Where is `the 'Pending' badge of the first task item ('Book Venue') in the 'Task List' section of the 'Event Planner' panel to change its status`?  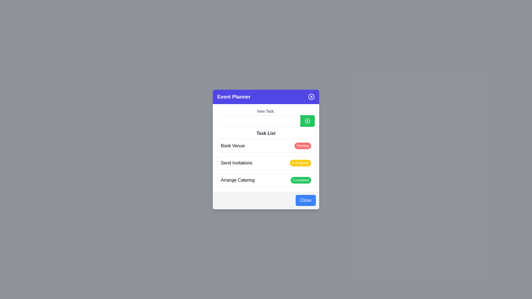
the 'Pending' badge of the first task item ('Book Venue') in the 'Task List' section of the 'Event Planner' panel to change its status is located at coordinates (266, 149).